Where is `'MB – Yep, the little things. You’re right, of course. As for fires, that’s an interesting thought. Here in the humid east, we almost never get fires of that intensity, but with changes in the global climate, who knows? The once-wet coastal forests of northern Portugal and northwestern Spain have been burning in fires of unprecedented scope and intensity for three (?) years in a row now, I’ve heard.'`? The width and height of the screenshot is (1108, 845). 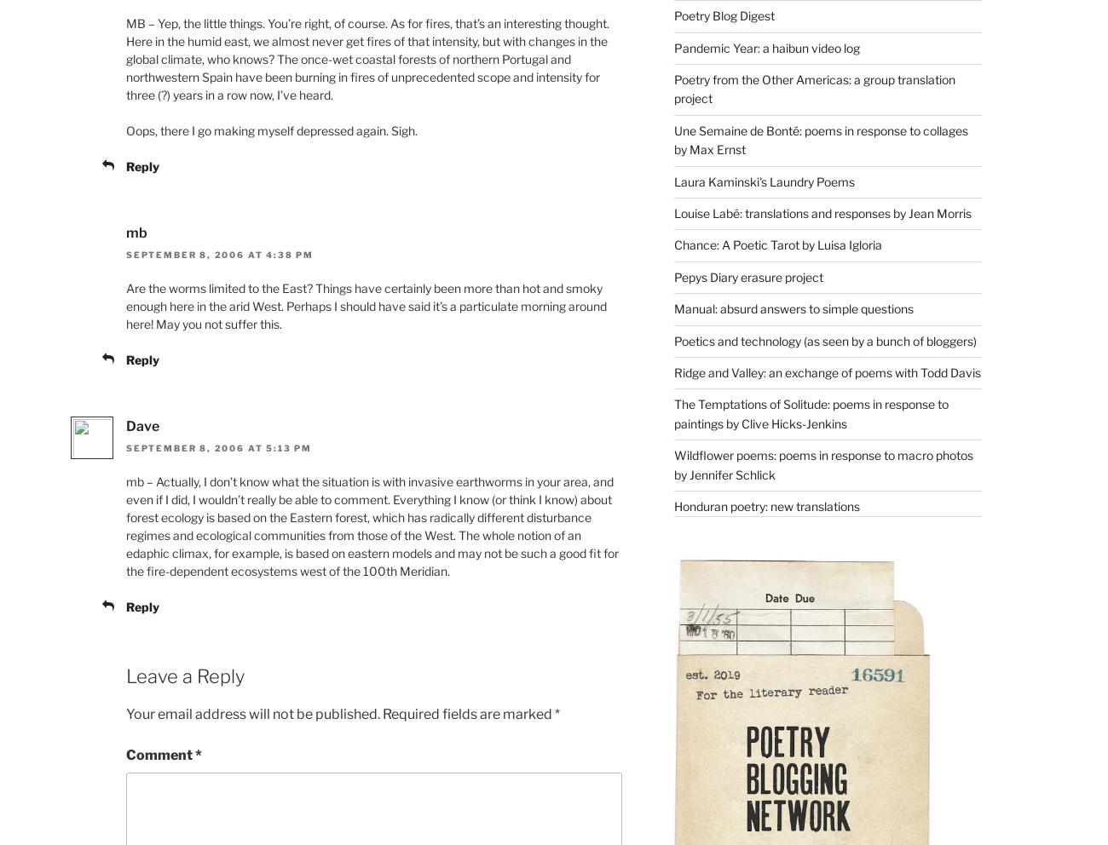 'MB – Yep, the little things. You’re right, of course. As for fires, that’s an interesting thought. Here in the humid east, we almost never get fires of that intensity, but with changes in the global climate, who knows? The once-wet coastal forests of northern Portugal and northwestern Spain have been burning in fires of unprecedented scope and intensity for three (?) years in a row now, I’ve heard.' is located at coordinates (367, 58).